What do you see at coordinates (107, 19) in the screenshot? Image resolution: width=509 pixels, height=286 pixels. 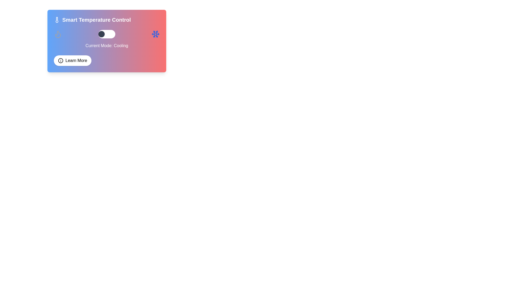 I see `the title element styled with bold, large white font, which includes a thermometer icon and the text 'Smart Temperature Control', located at the top of the card` at bounding box center [107, 19].